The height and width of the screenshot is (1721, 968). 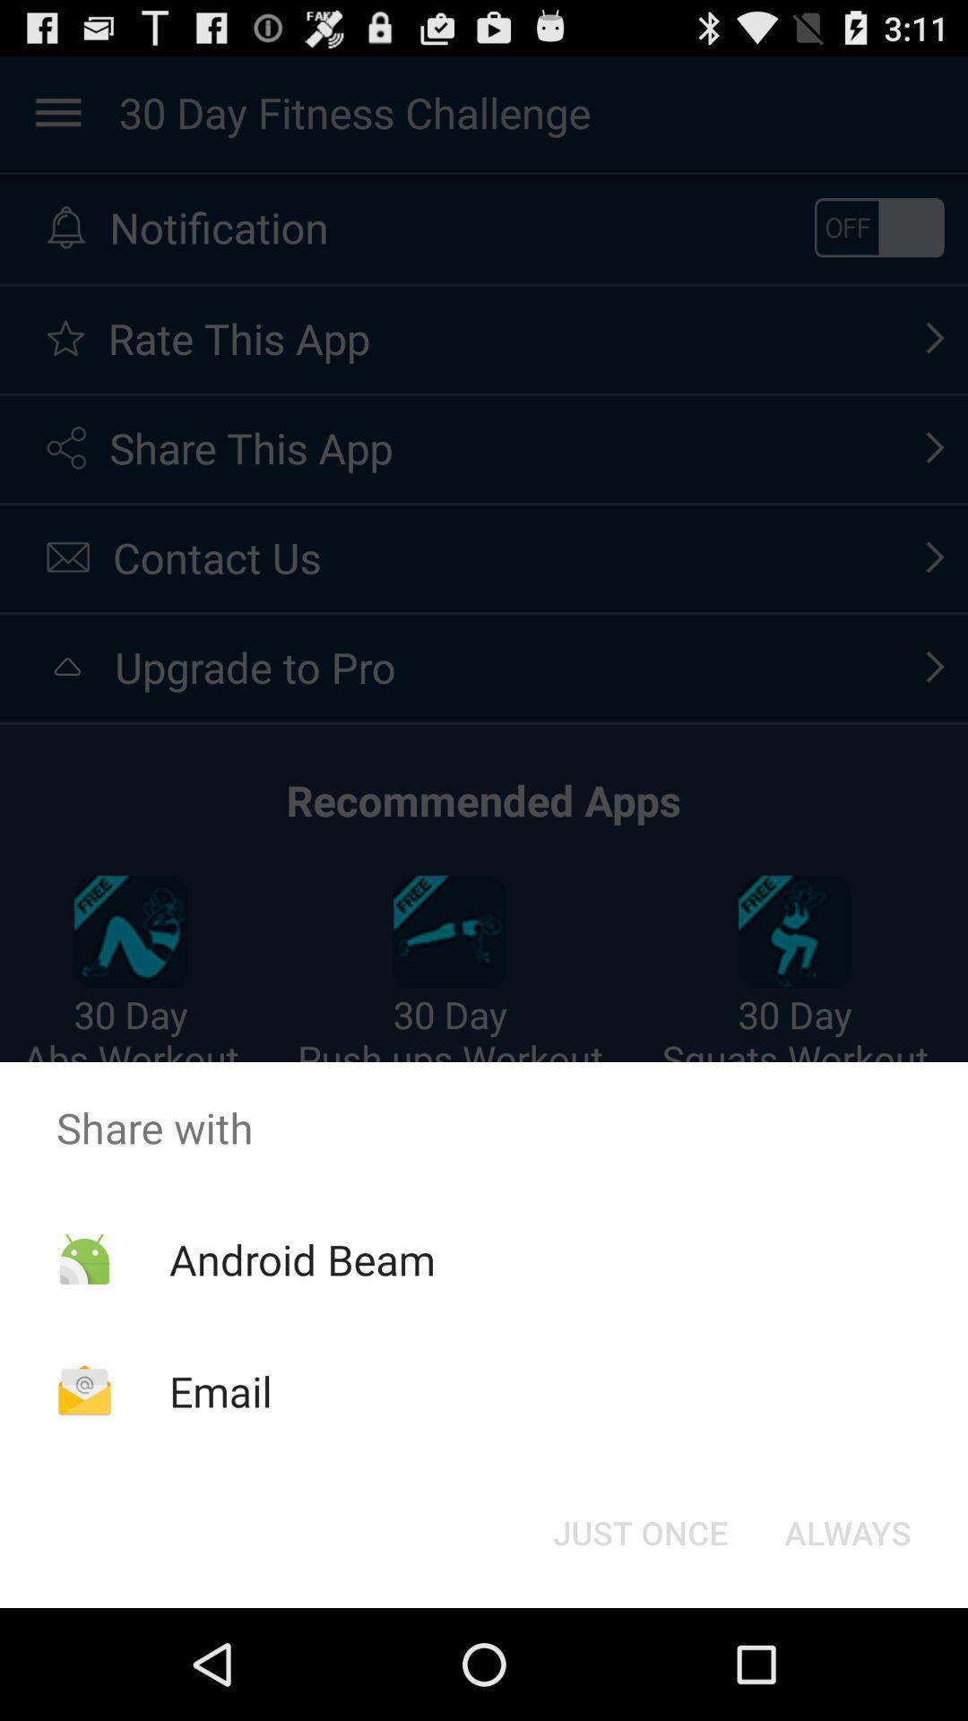 What do you see at coordinates (847, 1531) in the screenshot?
I see `the button to the right of just once item` at bounding box center [847, 1531].